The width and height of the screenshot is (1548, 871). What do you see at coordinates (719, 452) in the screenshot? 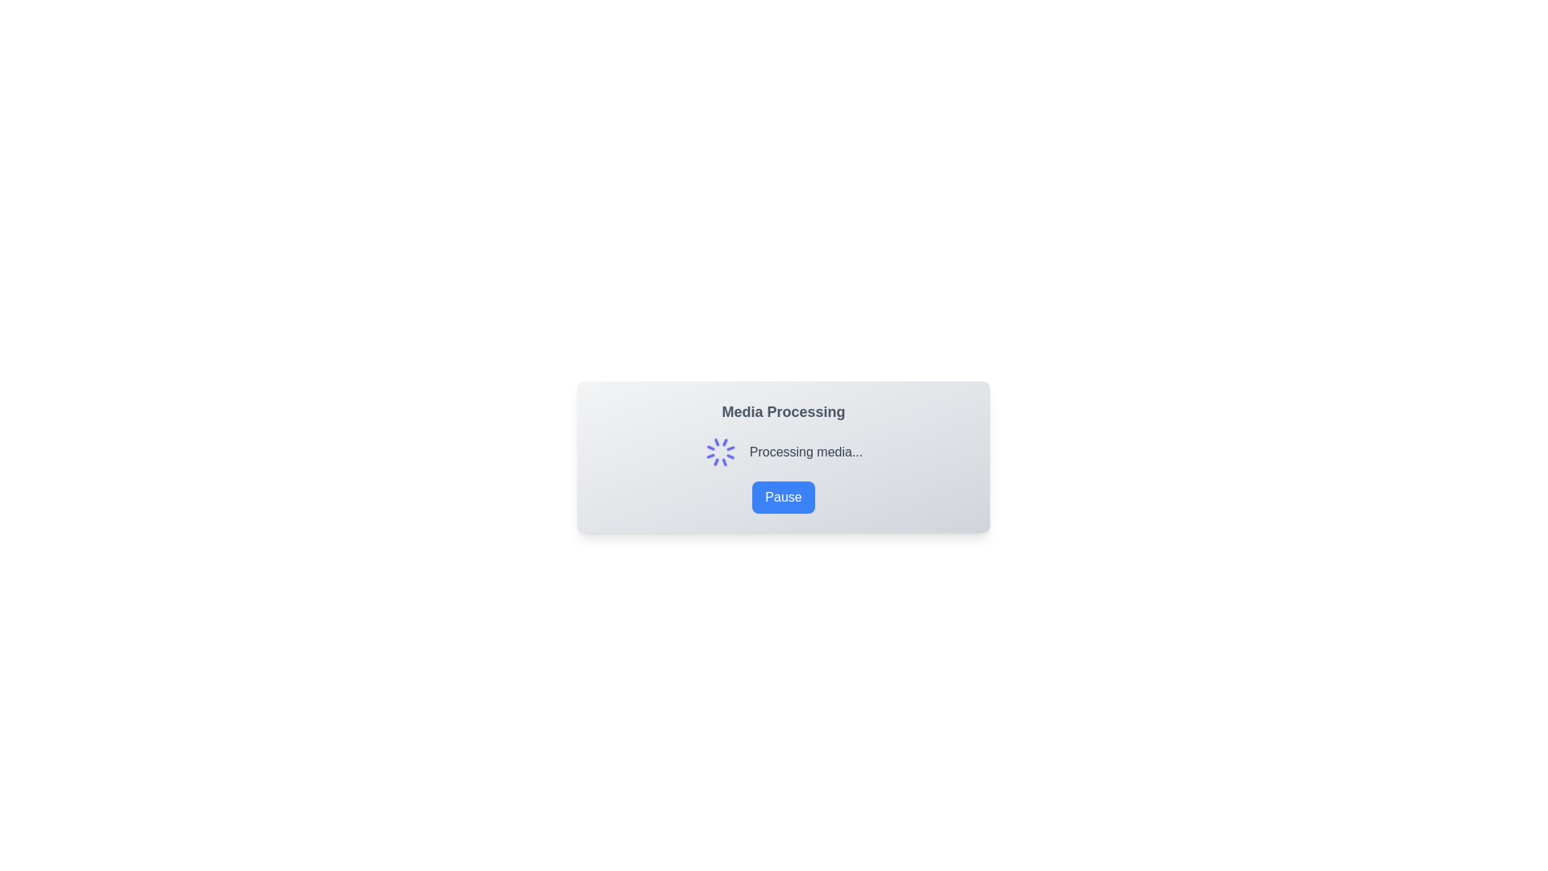
I see `the animated spinner icon, which is a circular spinner with eight indigo lines indicating a loading state, located to the left of 'Processing media...' and above the 'Pause' button` at bounding box center [719, 452].